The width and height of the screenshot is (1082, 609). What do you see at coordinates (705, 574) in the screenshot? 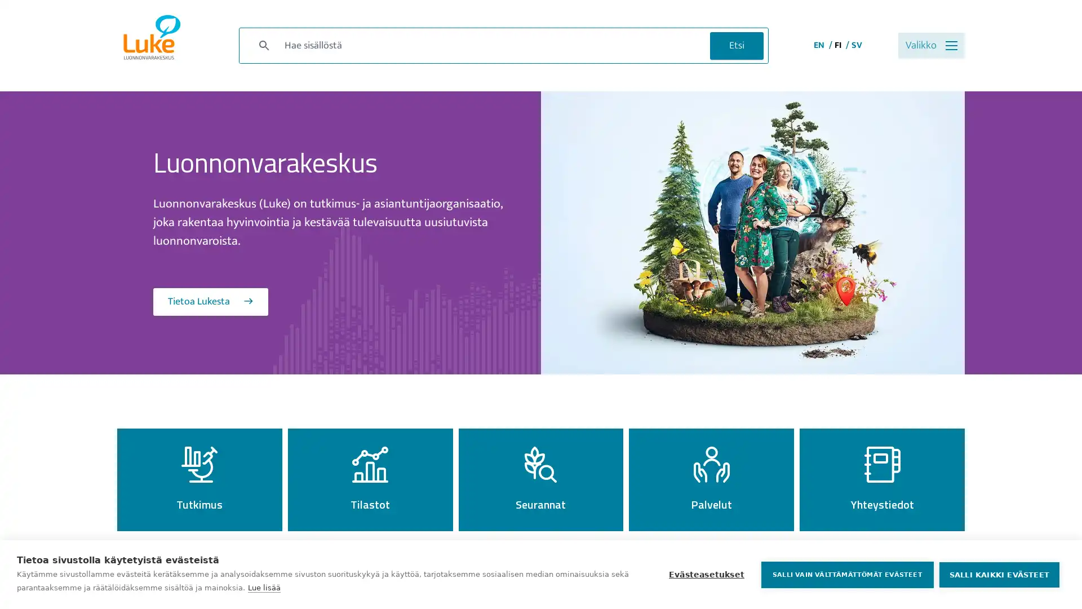
I see `Evasteasetukset` at bounding box center [705, 574].